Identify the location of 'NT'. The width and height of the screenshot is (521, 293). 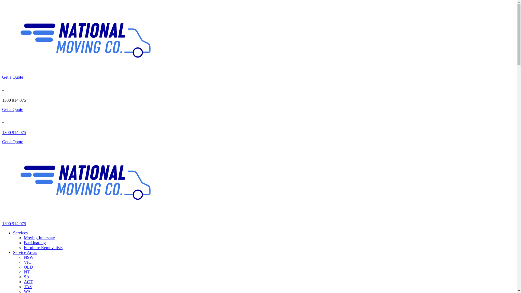
(26, 272).